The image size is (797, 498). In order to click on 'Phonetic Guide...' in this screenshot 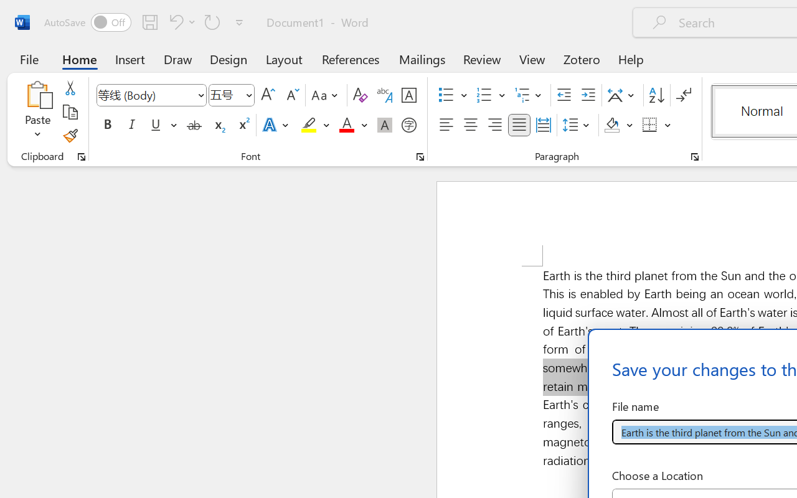, I will do `click(384, 95)`.